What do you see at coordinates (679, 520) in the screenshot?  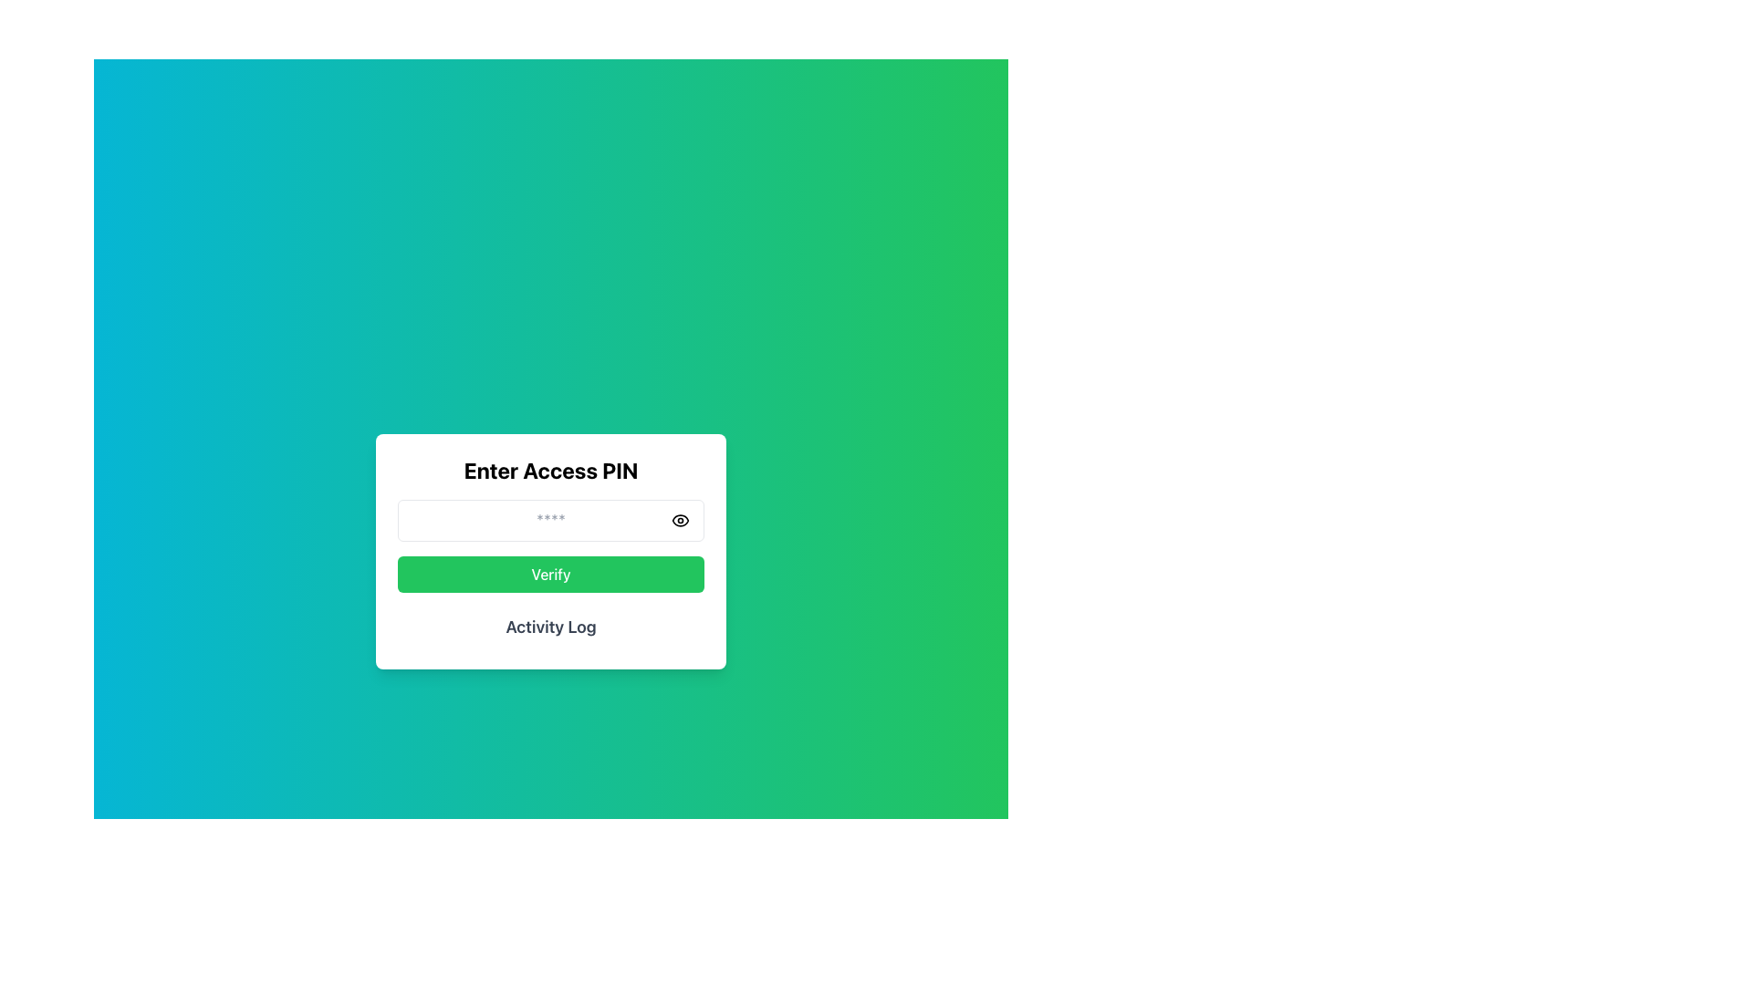 I see `the eye icon button located to the right of the PIN input field` at bounding box center [679, 520].